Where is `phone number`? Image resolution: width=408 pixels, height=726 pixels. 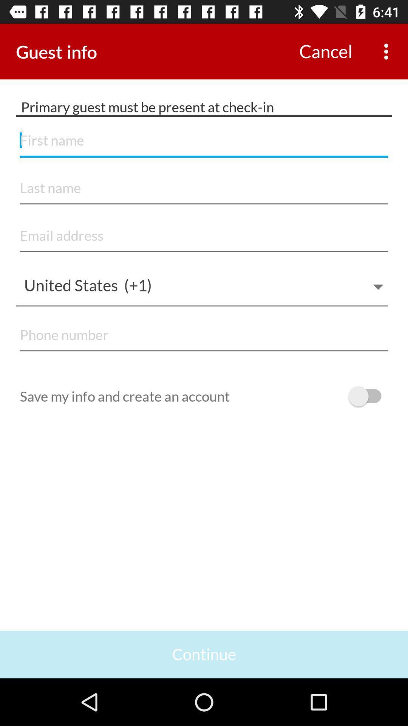 phone number is located at coordinates (204, 335).